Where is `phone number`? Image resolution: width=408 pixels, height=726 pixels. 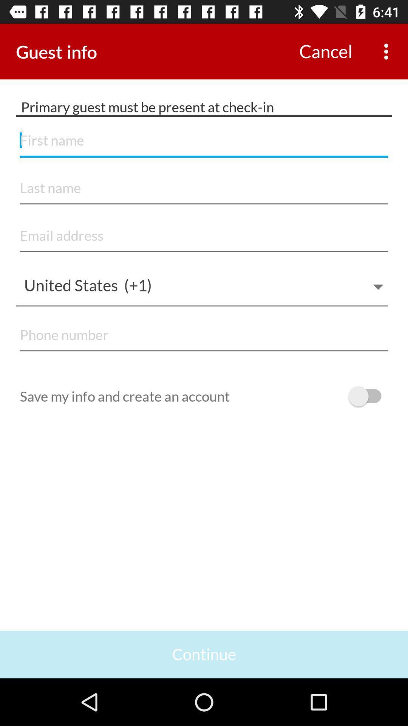 phone number is located at coordinates (204, 335).